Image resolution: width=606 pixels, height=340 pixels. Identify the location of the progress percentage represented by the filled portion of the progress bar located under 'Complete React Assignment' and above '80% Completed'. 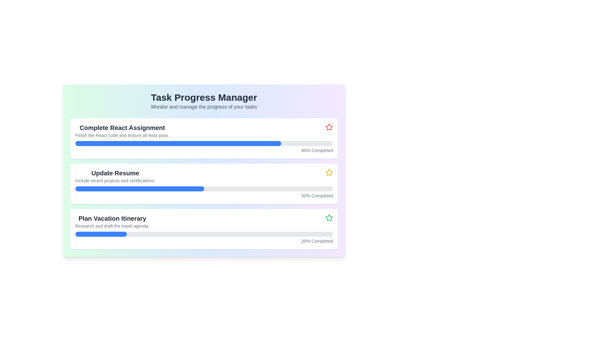
(178, 143).